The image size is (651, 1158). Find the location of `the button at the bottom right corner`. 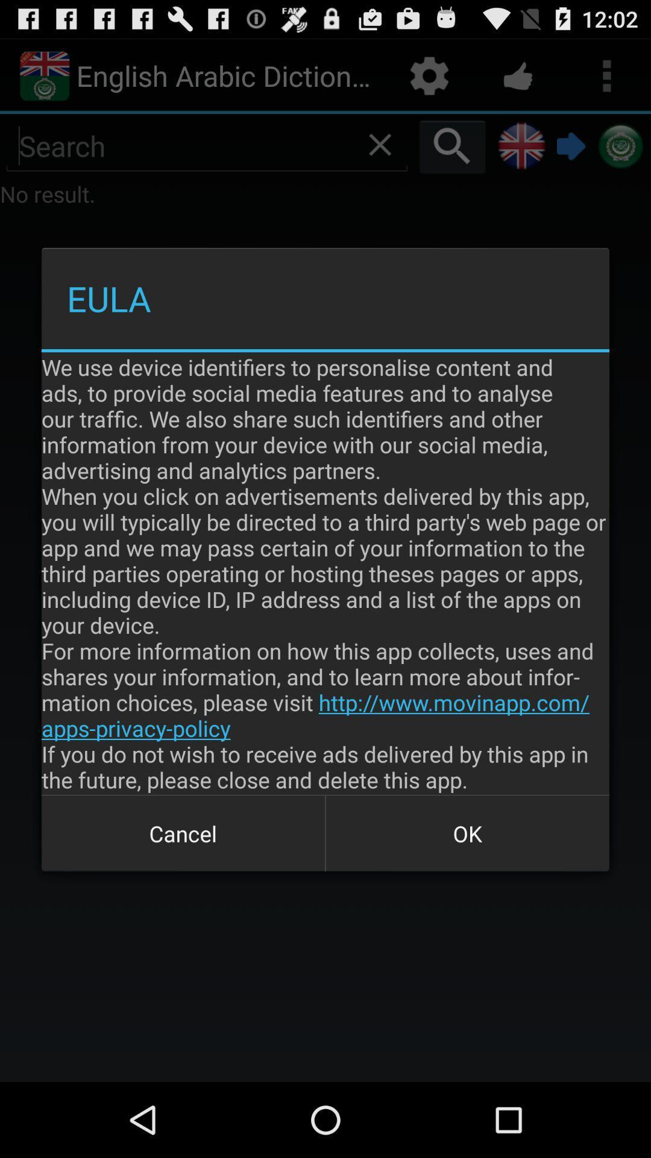

the button at the bottom right corner is located at coordinates (467, 833).